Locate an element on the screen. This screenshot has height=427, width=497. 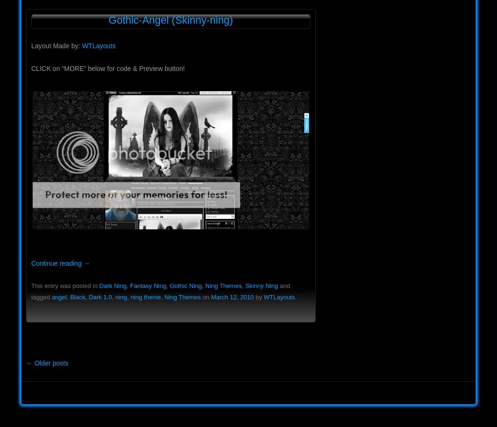
'ning theme' is located at coordinates (145, 297).